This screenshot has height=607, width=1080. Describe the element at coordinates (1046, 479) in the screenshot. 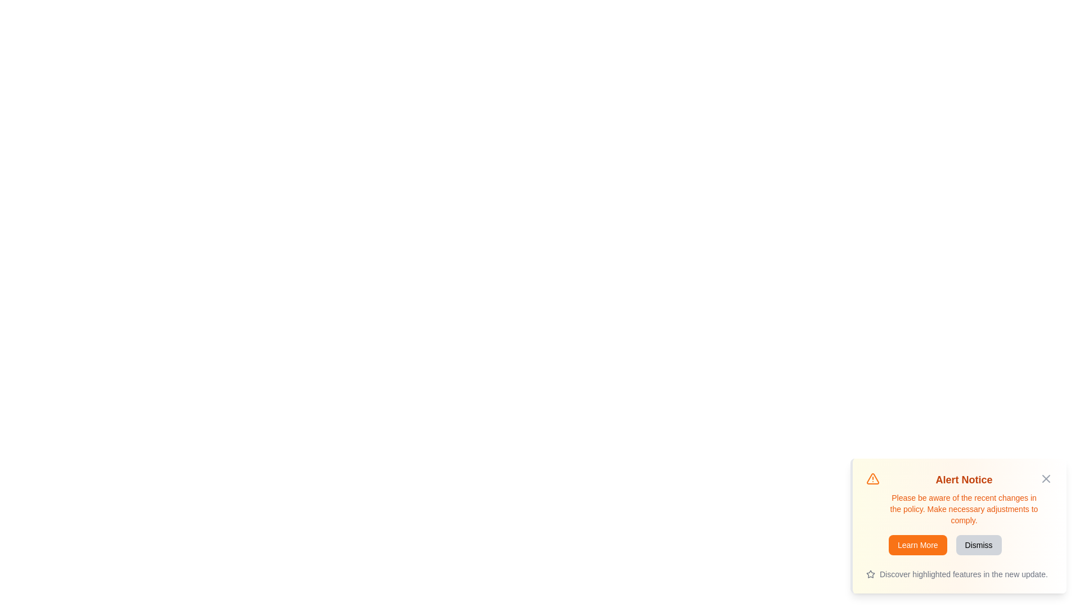

I see `the close icon (X) to hide the alert` at that location.